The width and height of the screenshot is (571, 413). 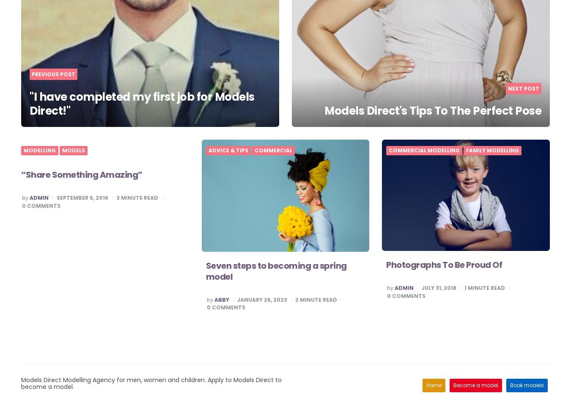 I want to click on 'Models Direct's Tips To The Perfect Pose', so click(x=324, y=110).